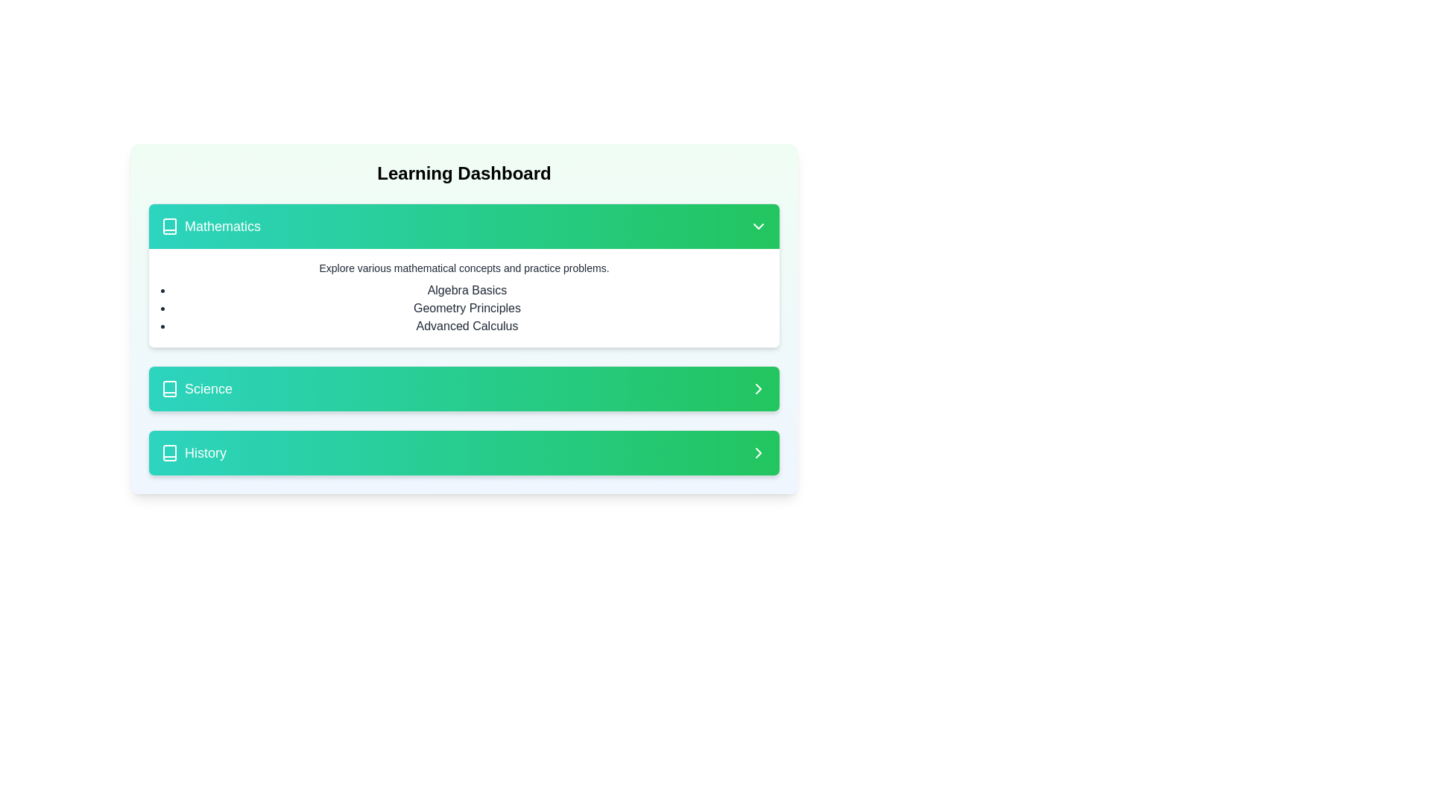 The width and height of the screenshot is (1431, 805). I want to click on the rightward chevron SVG icon with a white stroke located at the far-right end of the 'Science' section, so click(758, 388).